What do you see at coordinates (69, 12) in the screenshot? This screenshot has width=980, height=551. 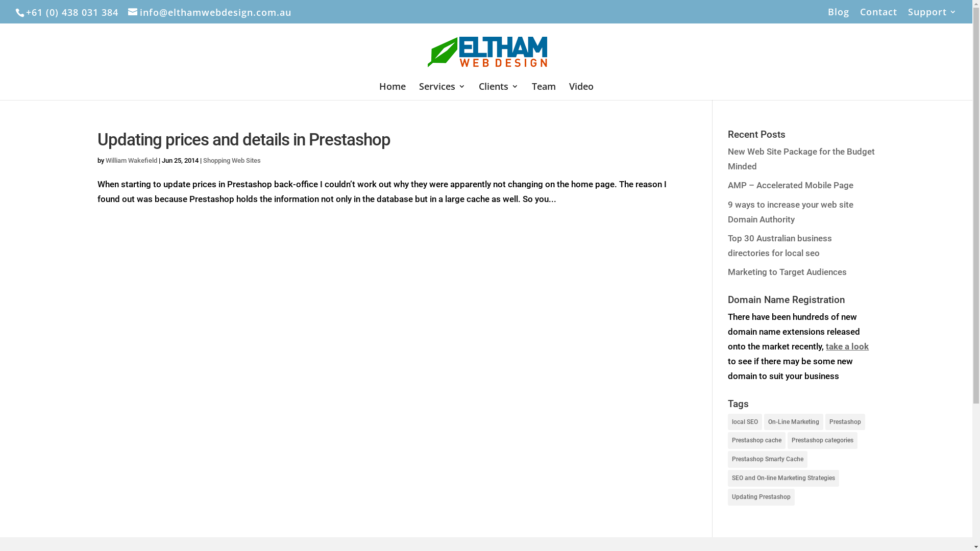 I see `'+61 (0) 438 031 384'` at bounding box center [69, 12].